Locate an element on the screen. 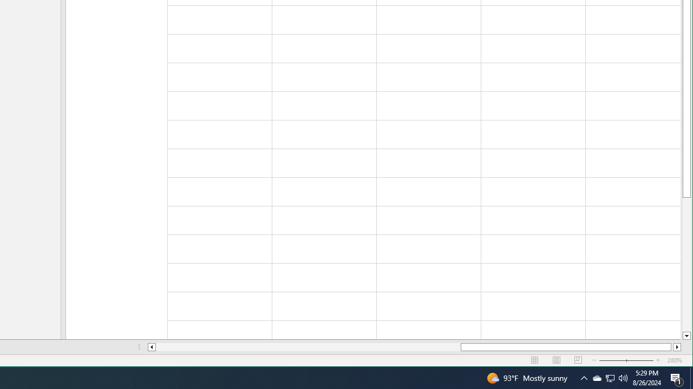 Image resolution: width=693 pixels, height=389 pixels. 'Action Center, 1 new notification' is located at coordinates (677, 377).